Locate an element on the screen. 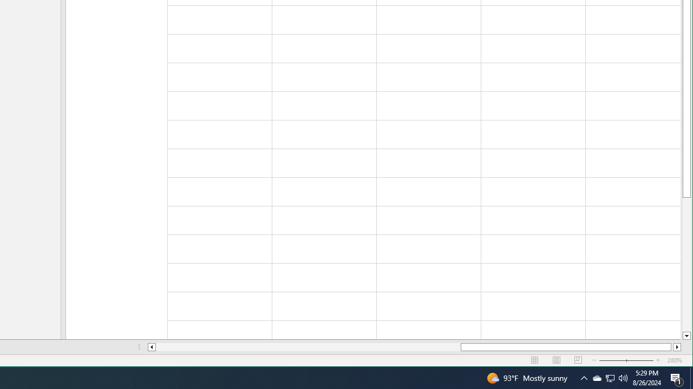 Image resolution: width=693 pixels, height=389 pixels. 'Action Center, 1 new notification' is located at coordinates (677, 377).